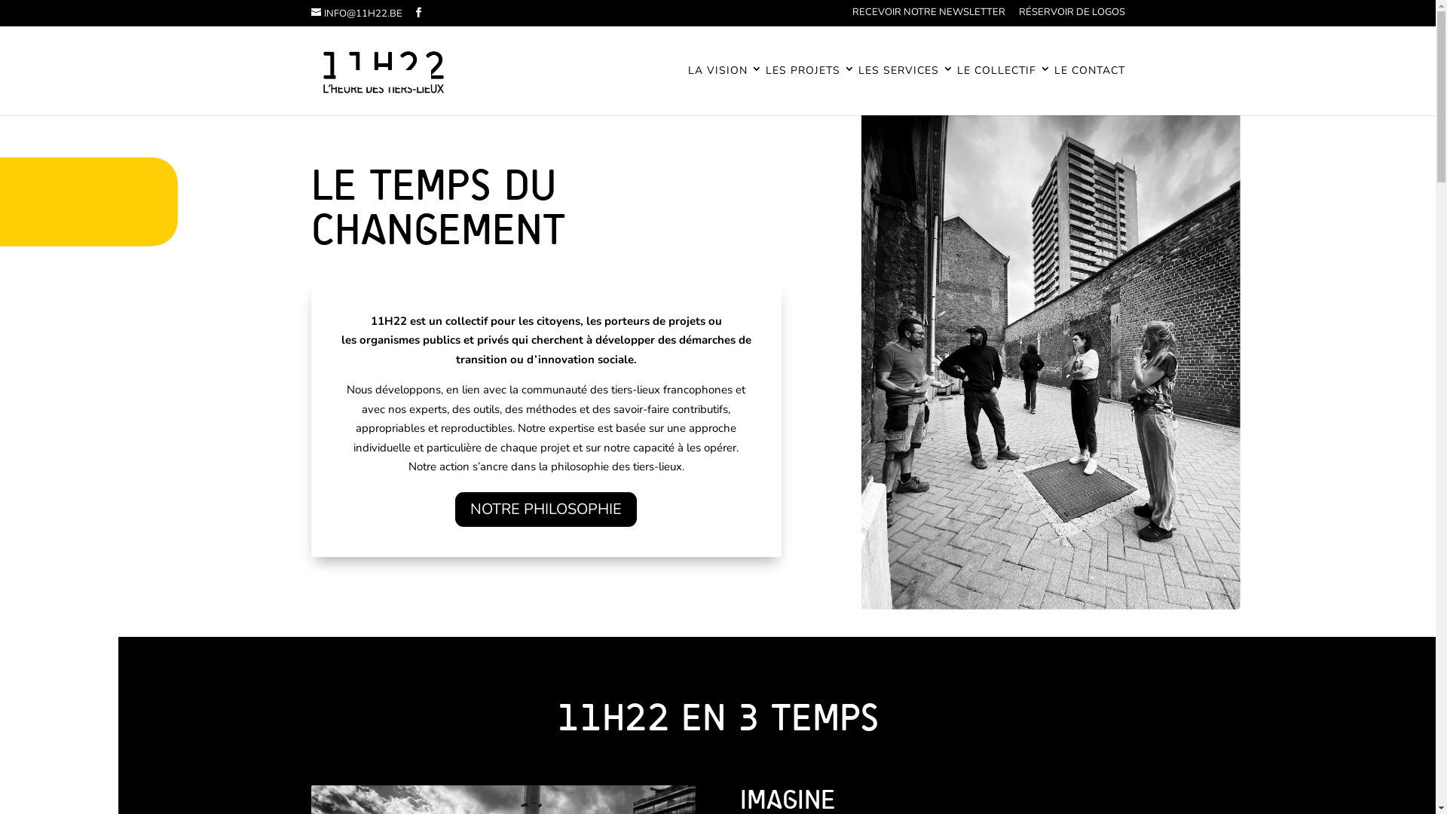 The image size is (1447, 814). I want to click on 'LE COLLECTIF', so click(1004, 90).